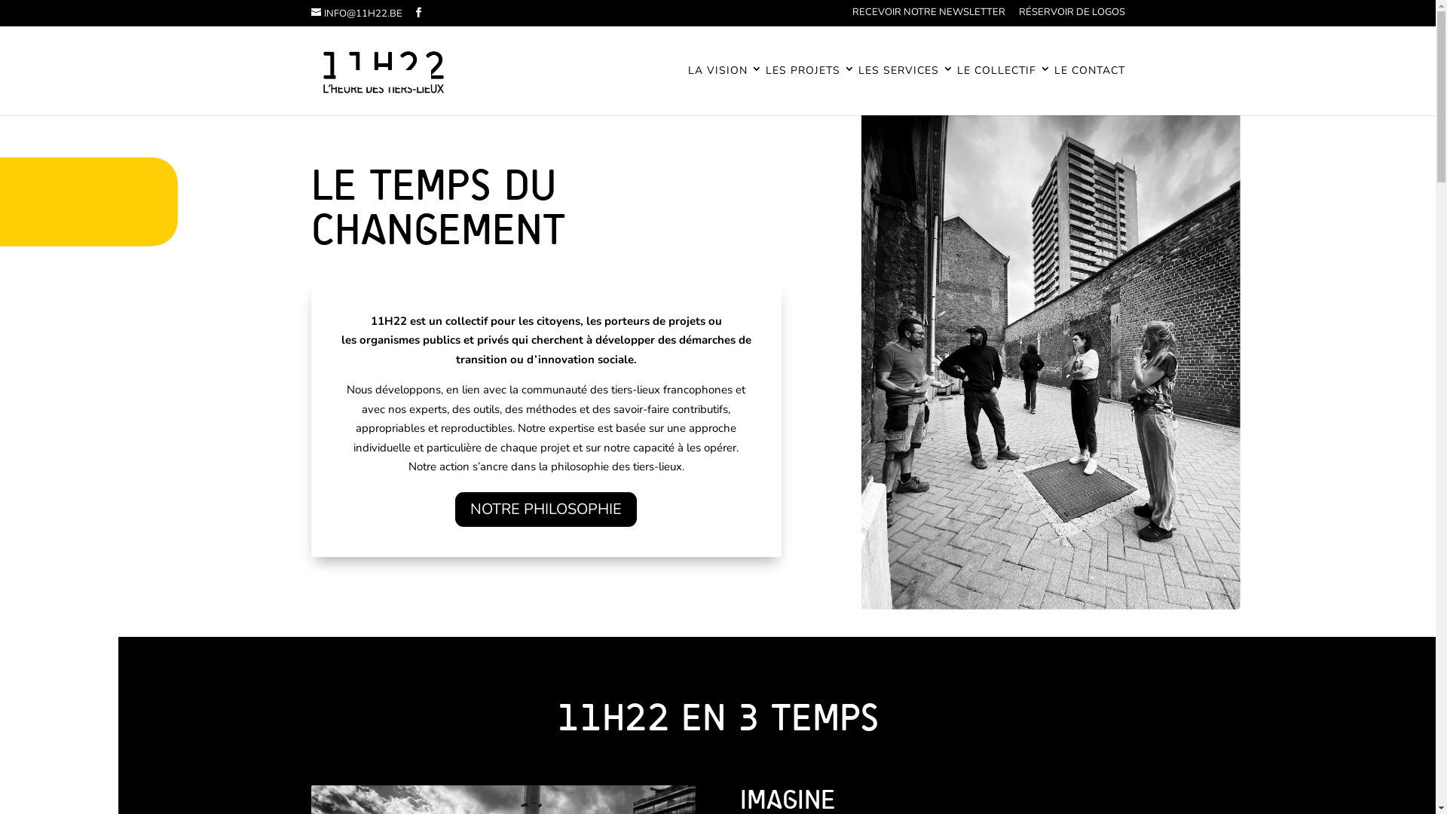 The image size is (1447, 814). I want to click on 'LE COLLECTIF', so click(1004, 90).